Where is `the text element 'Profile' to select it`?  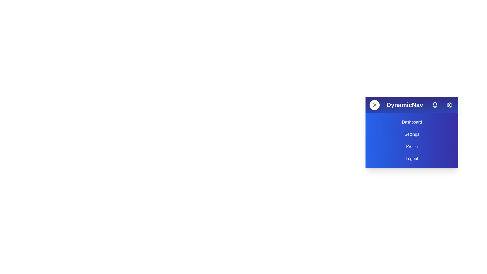 the text element 'Profile' to select it is located at coordinates (412, 147).